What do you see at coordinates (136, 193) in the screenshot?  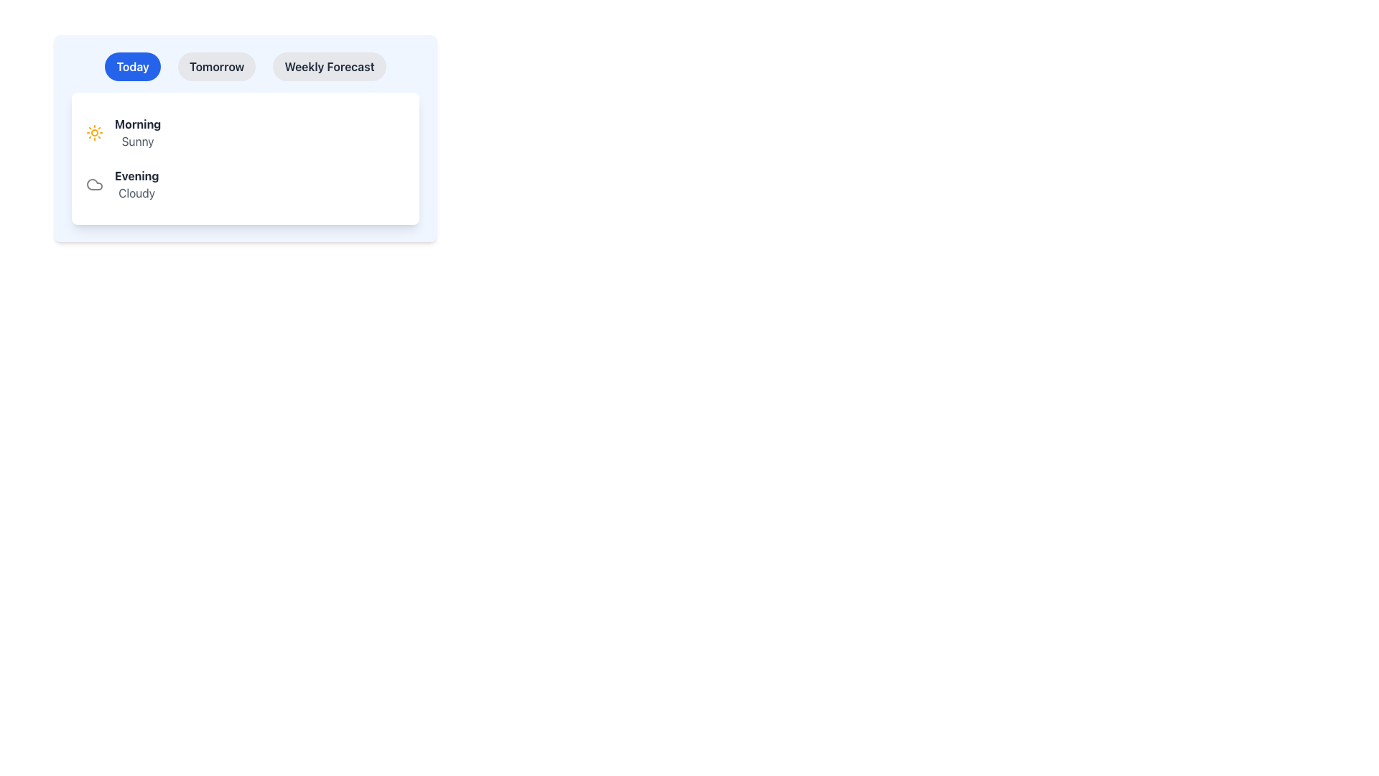 I see `the 'Cloudy' text label that displays the evening weather condition, located beneath the 'Evening' label in the weather forecast card` at bounding box center [136, 193].